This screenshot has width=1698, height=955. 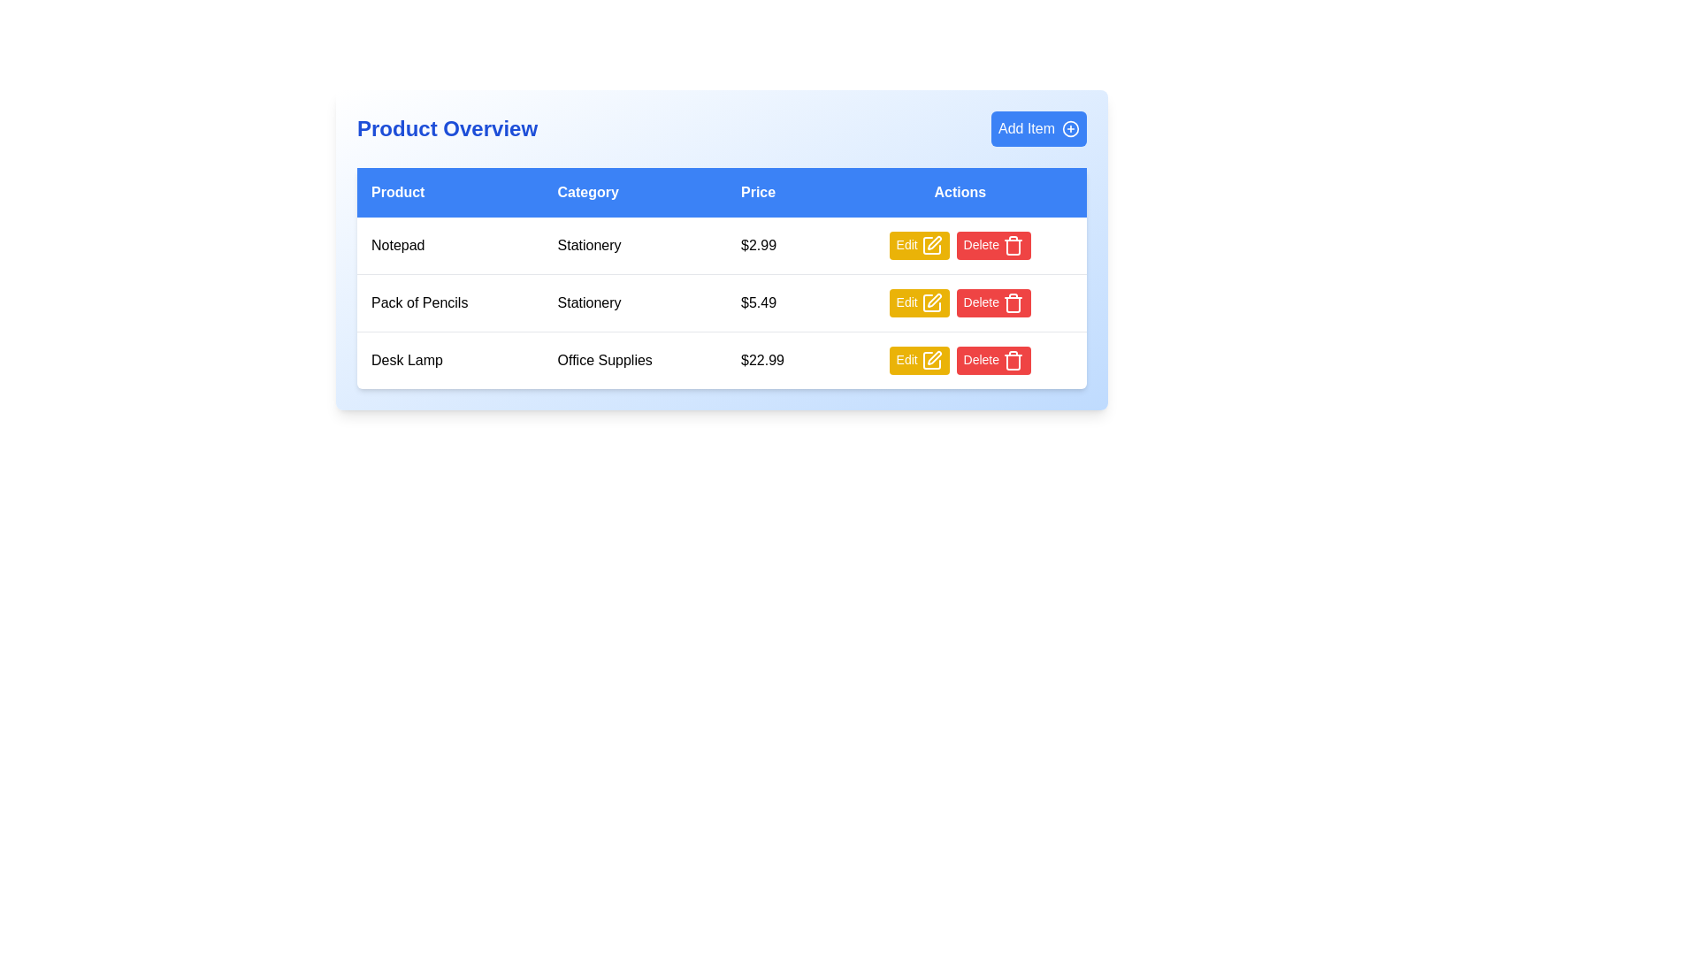 What do you see at coordinates (930, 245) in the screenshot?
I see `the icon within the yellow 'Edit' button located in the second row of the 'Actions' column in the grid layout` at bounding box center [930, 245].